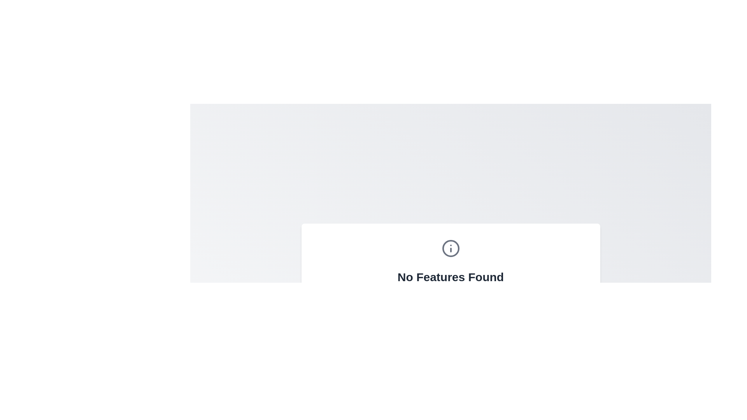 The image size is (747, 420). Describe the element at coordinates (451, 248) in the screenshot. I see `the details of the 'info' icon, which features a gray circular outline with an 'i' inside, located above the text 'No Features Found'` at that location.